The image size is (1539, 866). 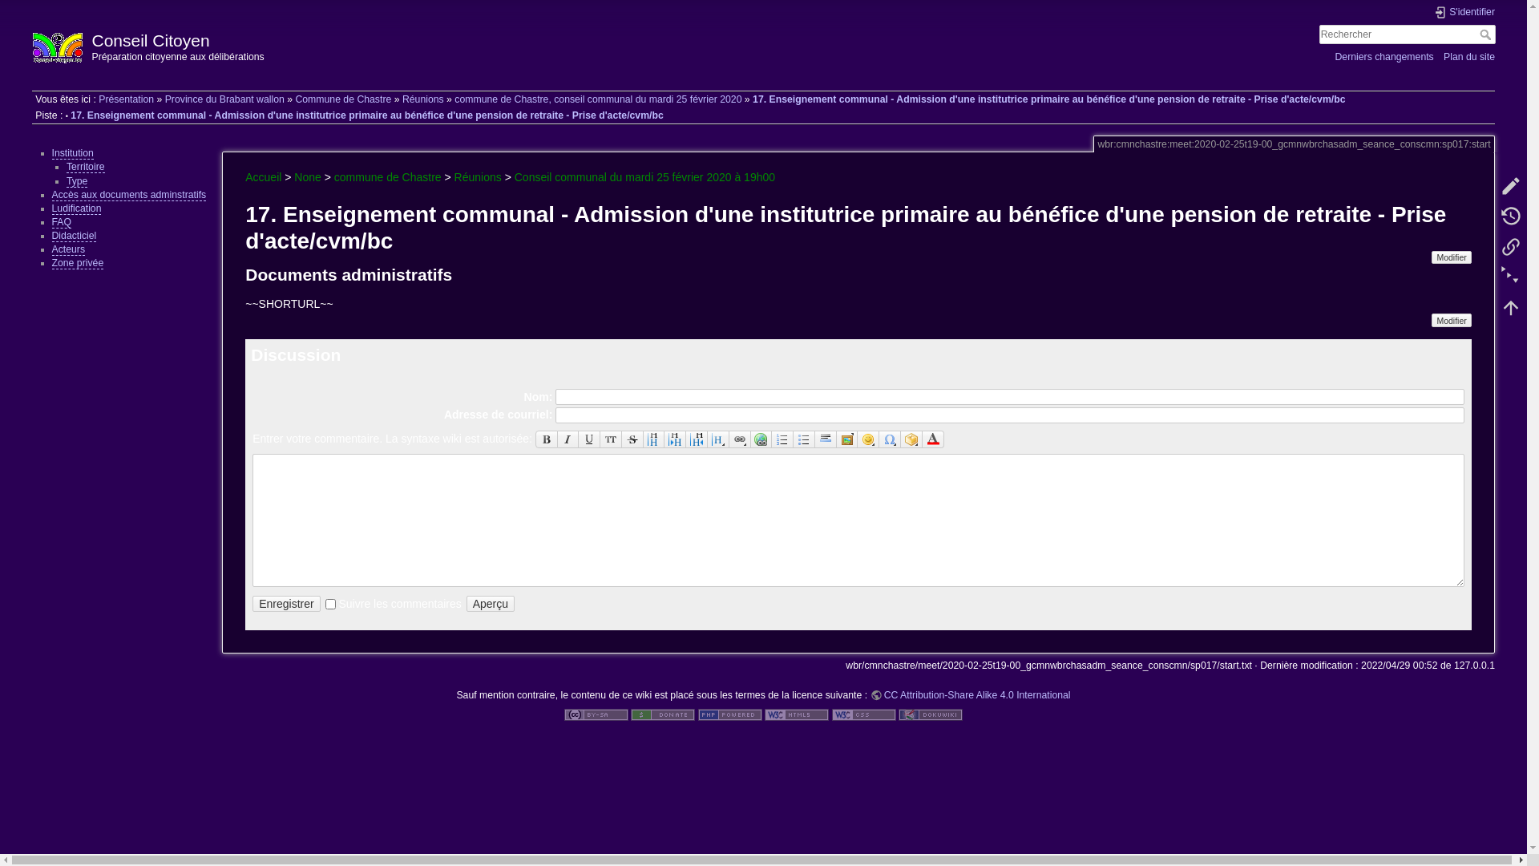 I want to click on 'Rechercher', so click(x=1486, y=34).